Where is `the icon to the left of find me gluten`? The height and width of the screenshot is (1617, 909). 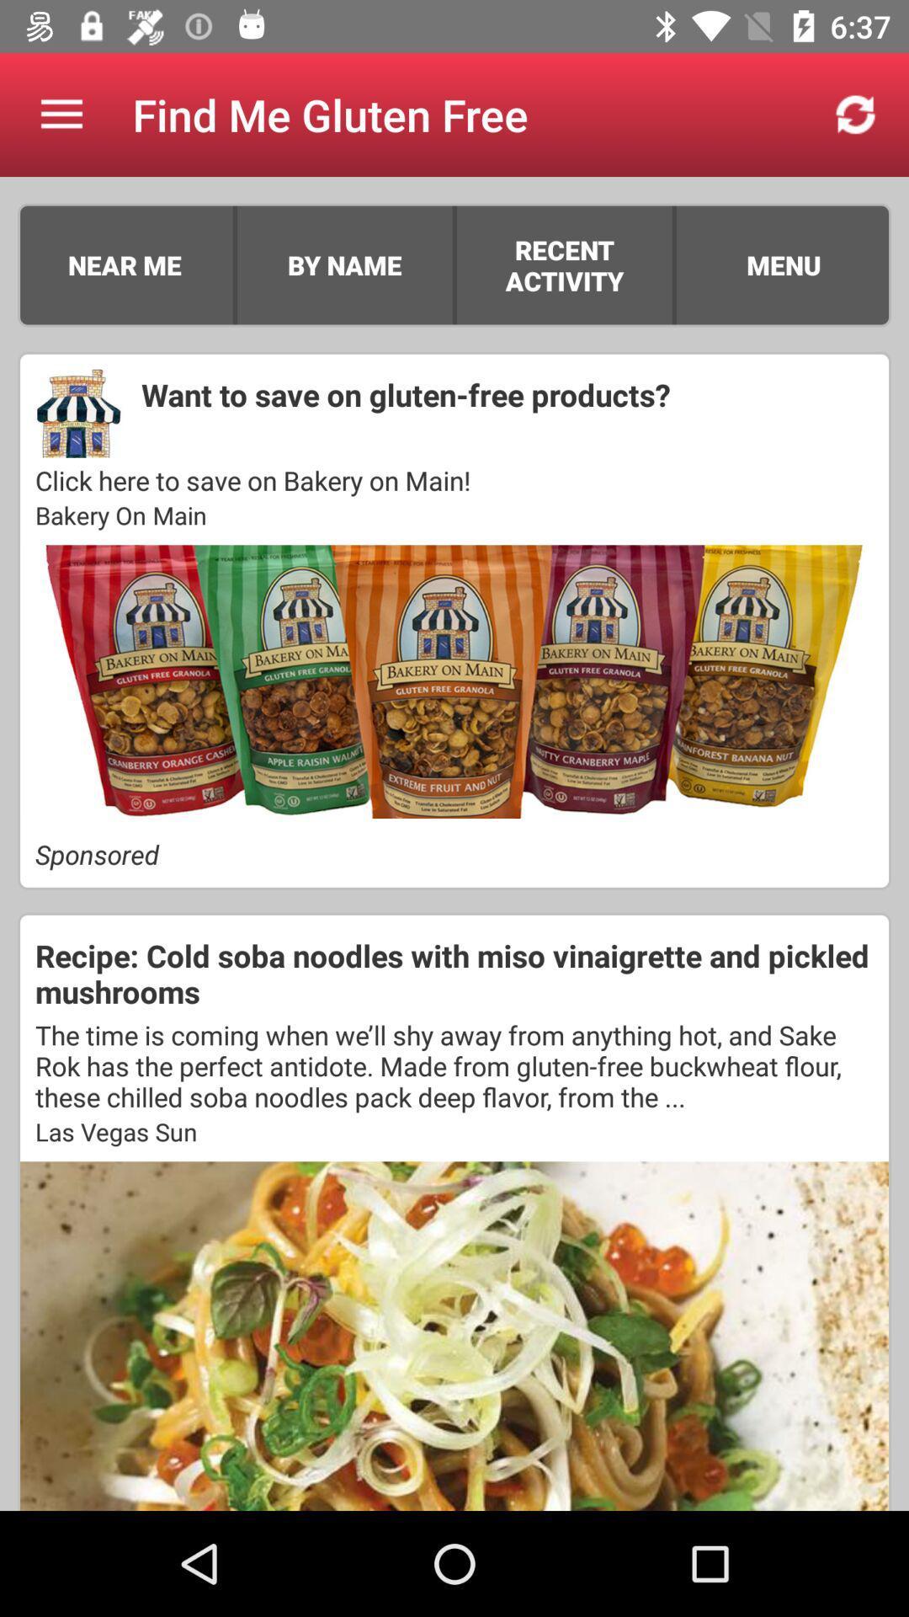
the icon to the left of find me gluten is located at coordinates (61, 114).